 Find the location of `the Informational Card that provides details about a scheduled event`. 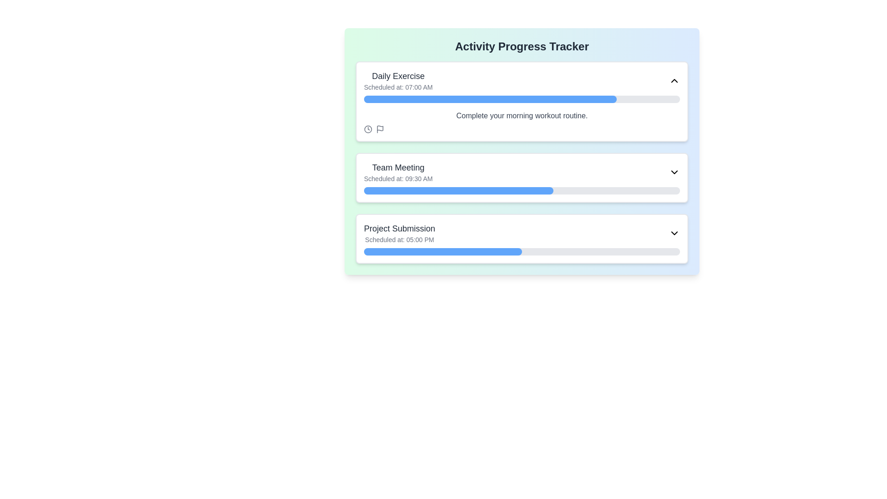

the Informational Card that provides details about a scheduled event is located at coordinates (522, 178).